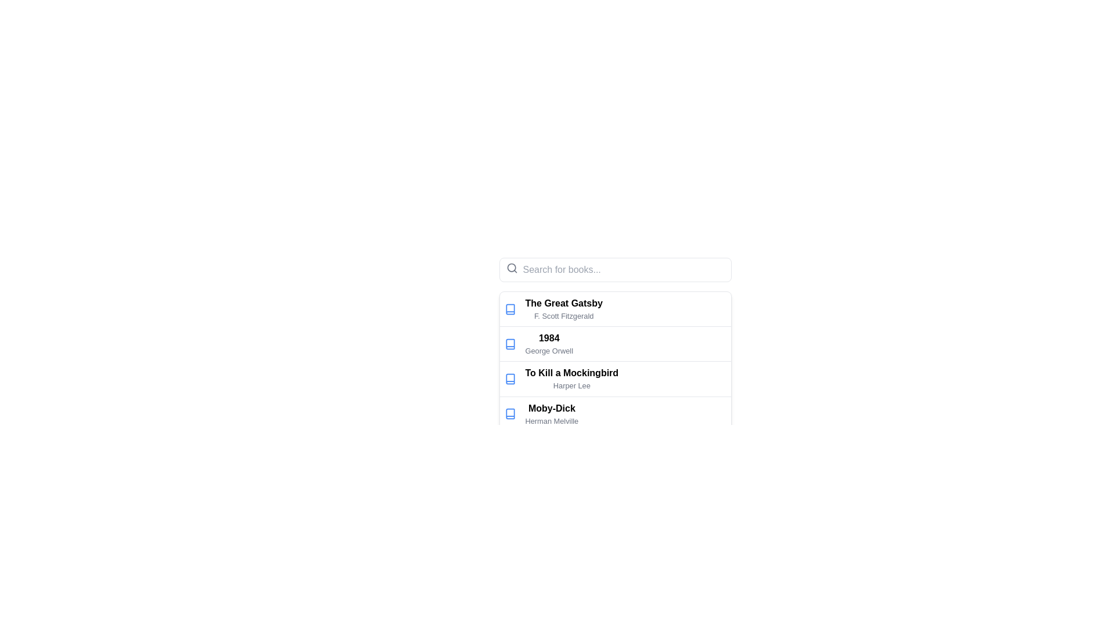 Image resolution: width=1115 pixels, height=627 pixels. Describe the element at coordinates (510, 413) in the screenshot. I see `the icon representing 'Moby-Dick' by Herman Melville, located at the top-left corner of its row` at that location.